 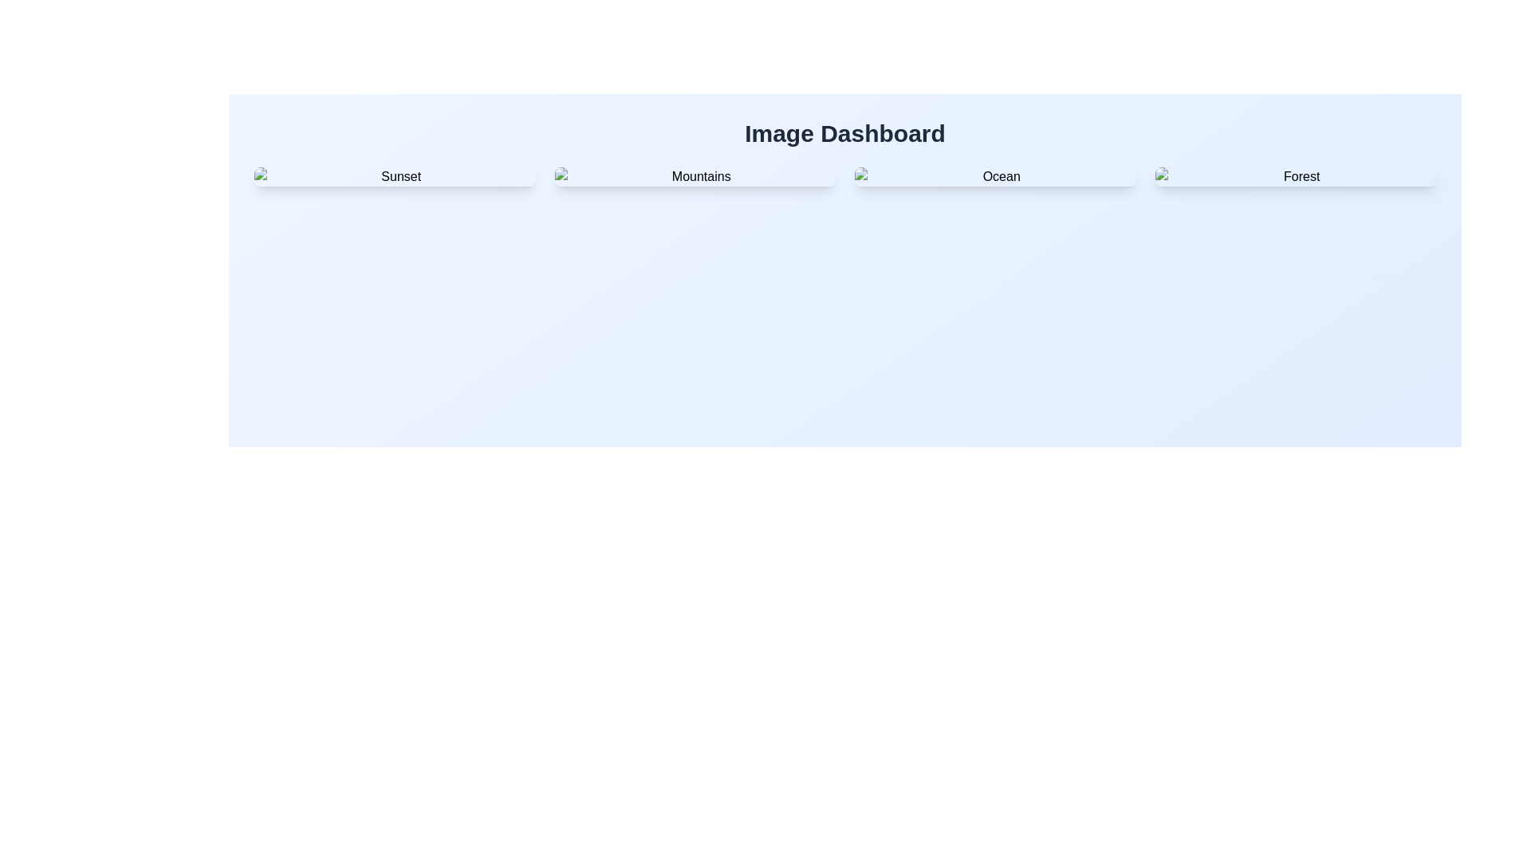 What do you see at coordinates (695, 177) in the screenshot?
I see `the 'Mountains' card, which is the second card in a horizontal list of four cards` at bounding box center [695, 177].